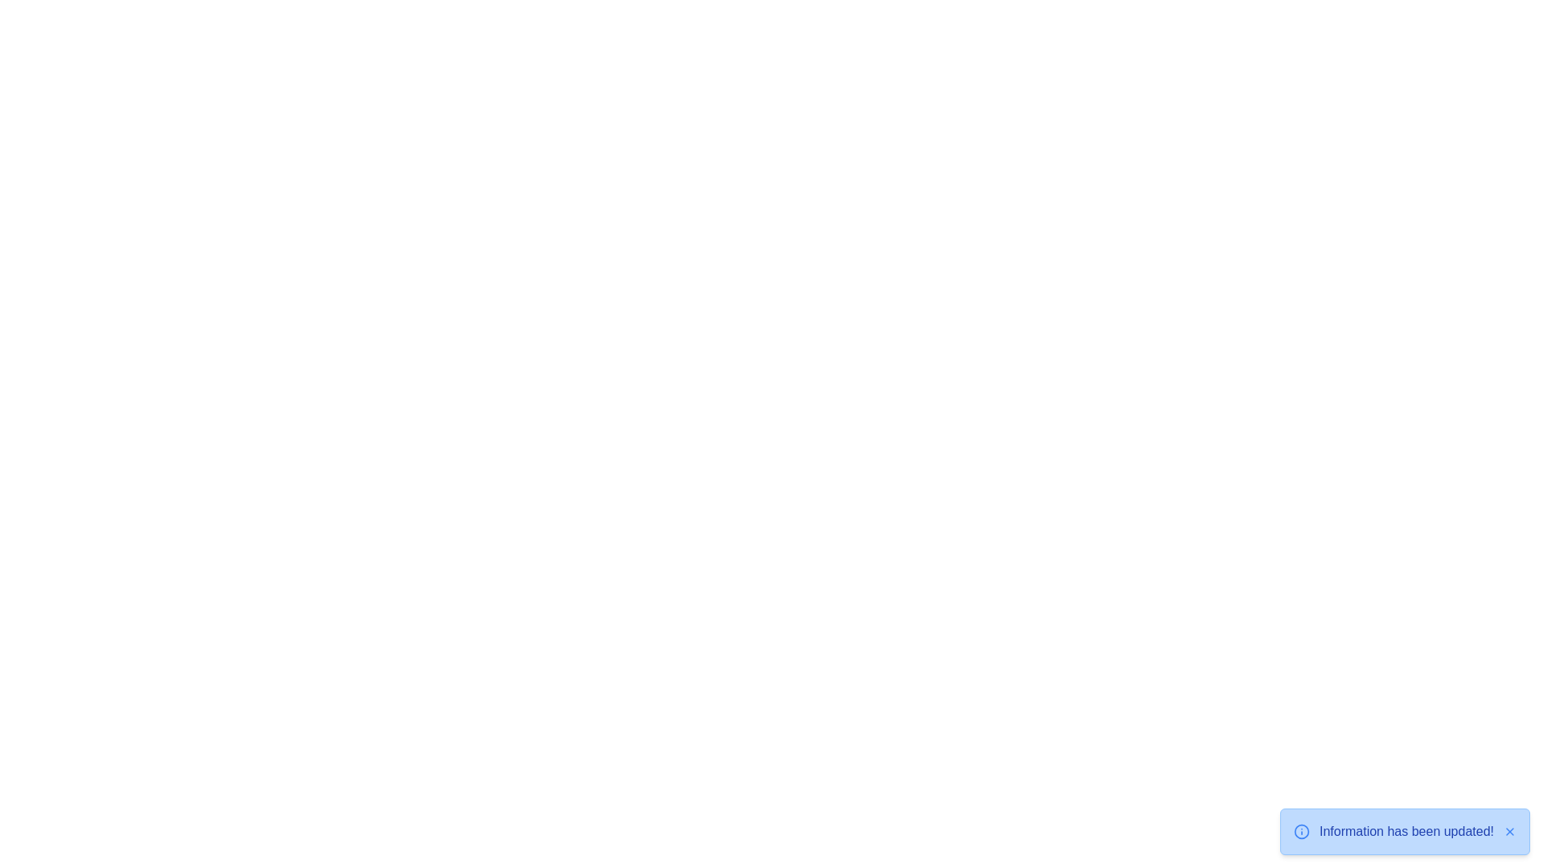  I want to click on close button on the snackbar to dismiss the notification, so click(1508, 831).